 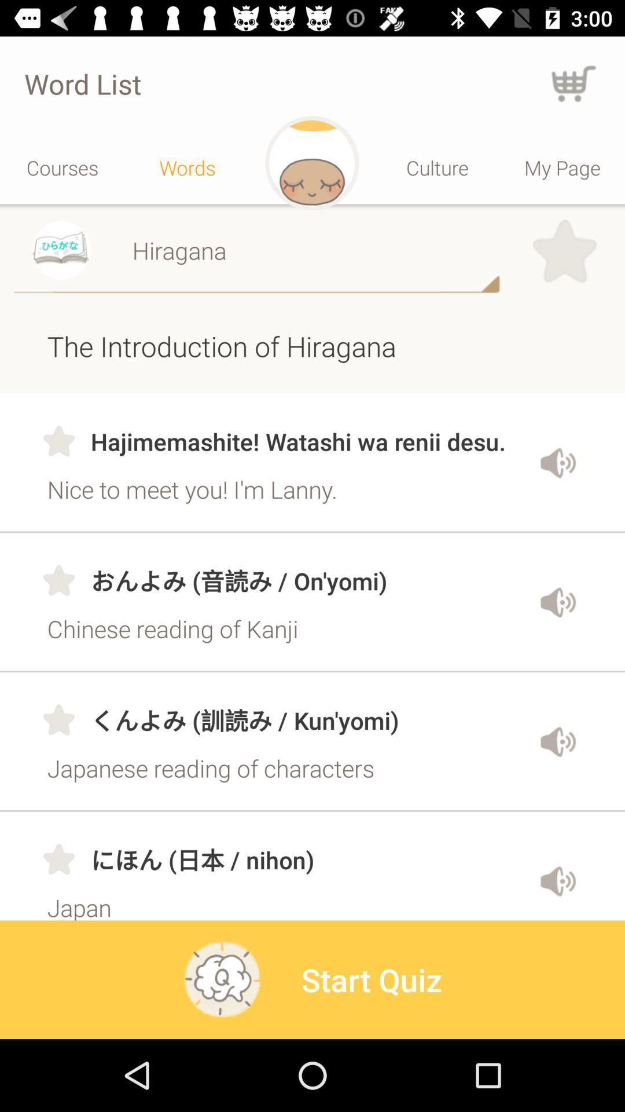 I want to click on the cart icon, so click(x=573, y=83).